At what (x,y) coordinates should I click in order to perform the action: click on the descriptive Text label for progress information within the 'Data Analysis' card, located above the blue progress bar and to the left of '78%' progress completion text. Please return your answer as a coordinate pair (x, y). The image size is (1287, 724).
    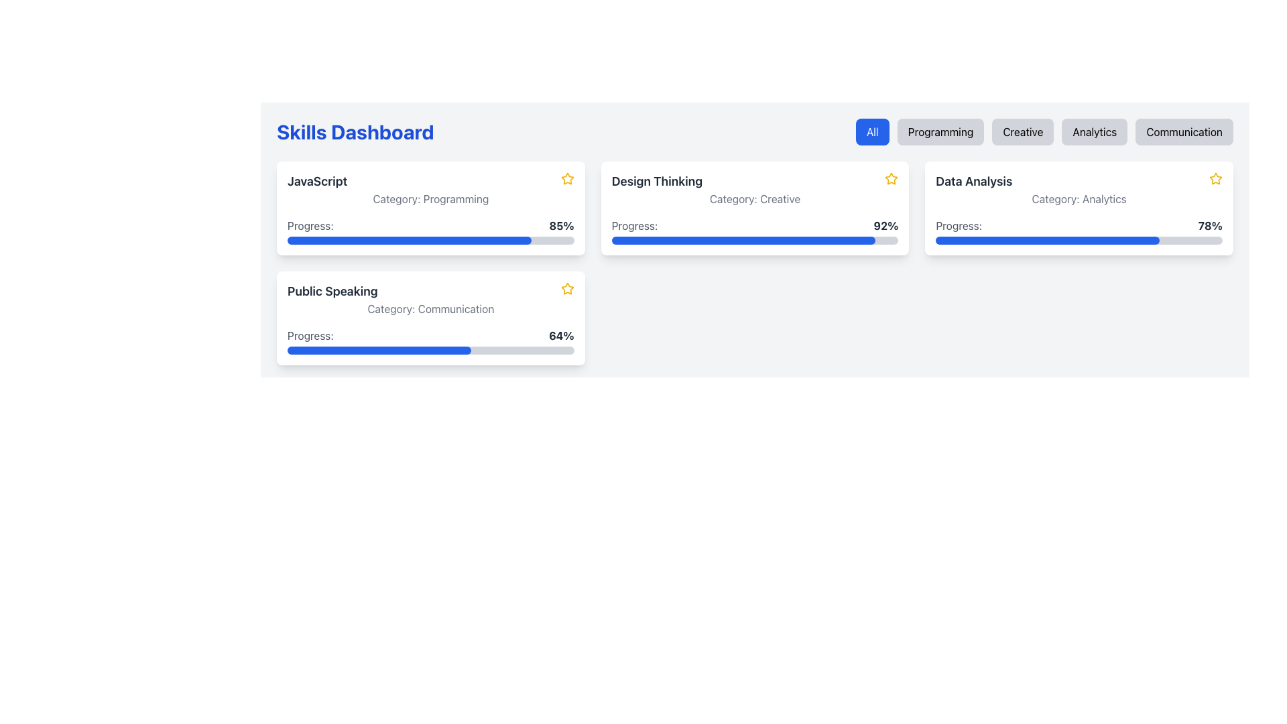
    Looking at the image, I should click on (958, 225).